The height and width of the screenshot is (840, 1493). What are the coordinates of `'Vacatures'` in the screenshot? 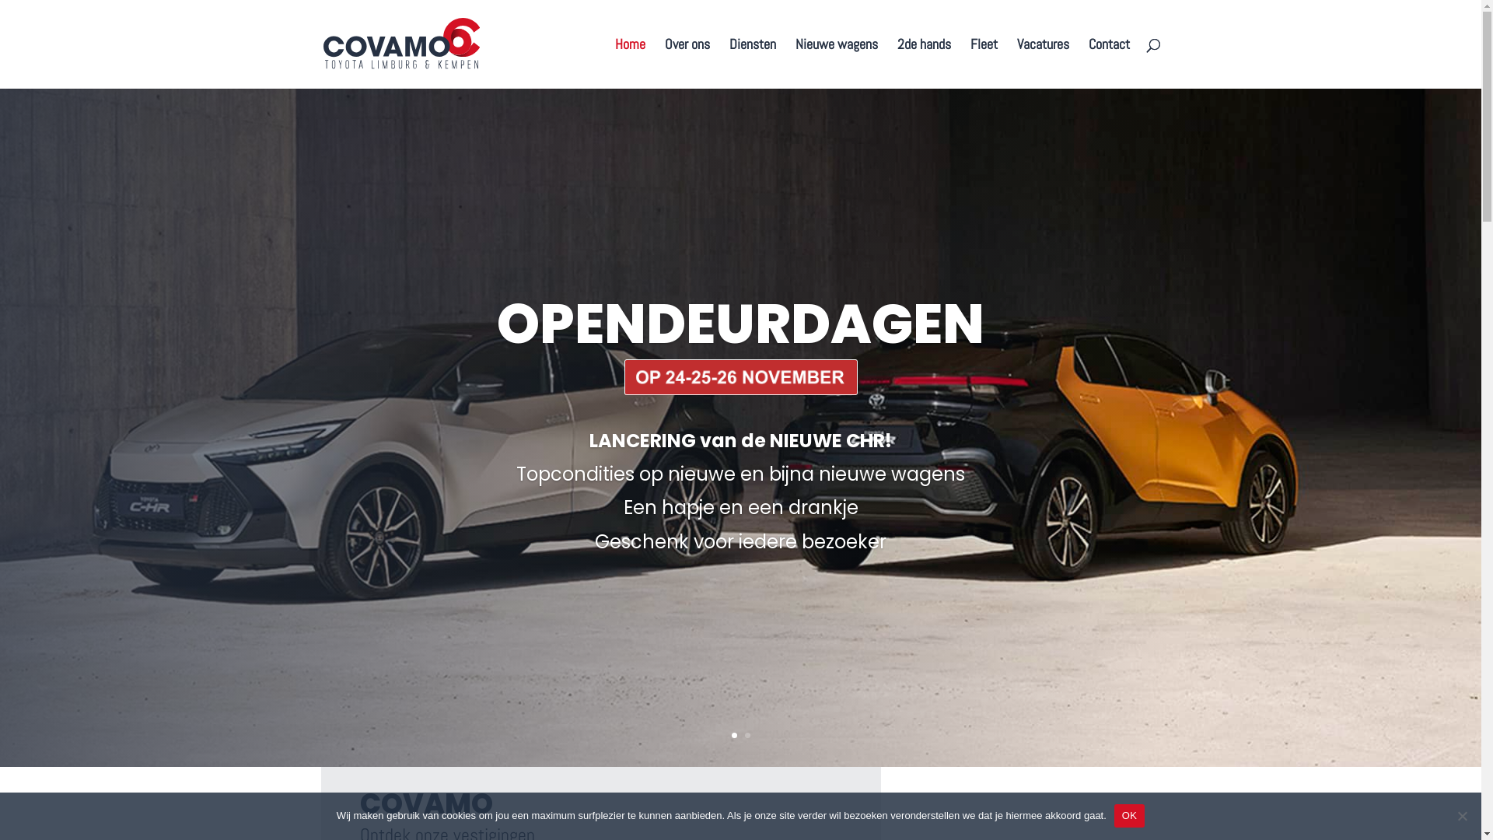 It's located at (1043, 62).